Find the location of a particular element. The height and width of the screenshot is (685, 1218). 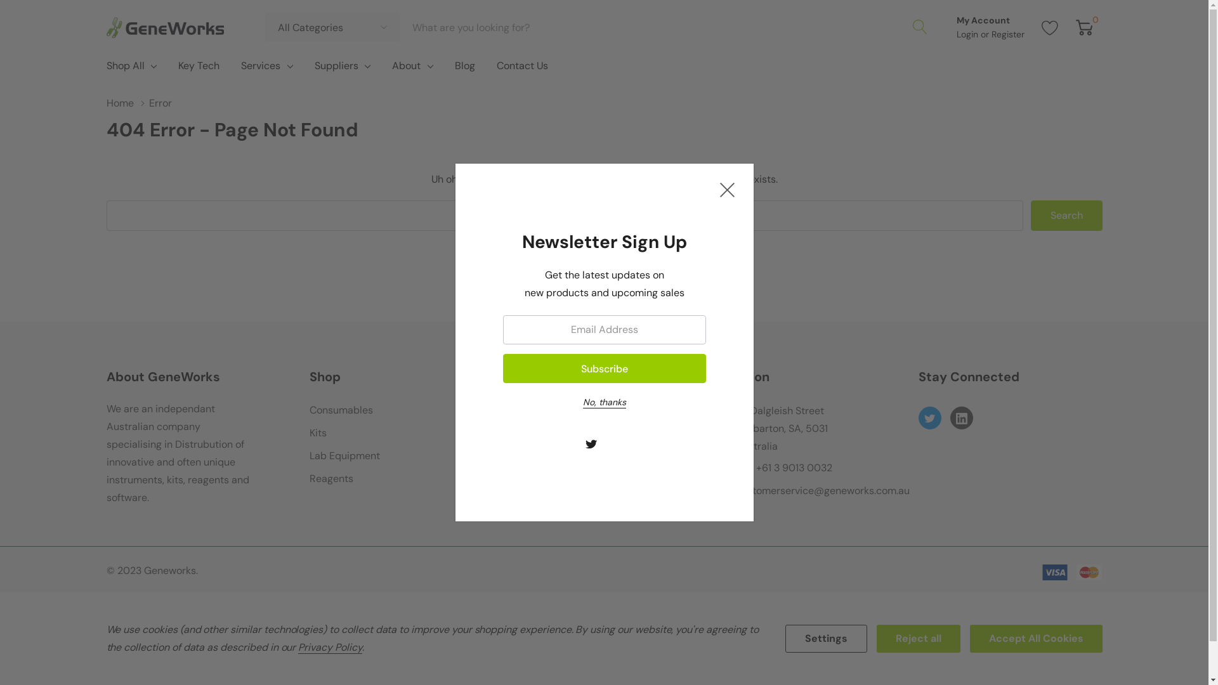

'Login' is located at coordinates (967, 34).